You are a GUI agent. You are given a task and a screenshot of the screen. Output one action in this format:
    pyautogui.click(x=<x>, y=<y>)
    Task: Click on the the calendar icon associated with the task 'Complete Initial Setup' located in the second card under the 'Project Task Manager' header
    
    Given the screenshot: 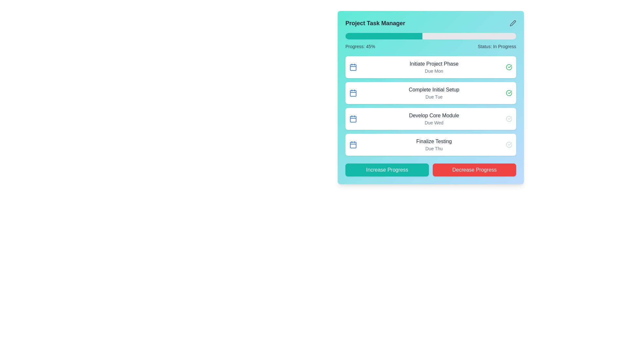 What is the action you would take?
    pyautogui.click(x=353, y=93)
    